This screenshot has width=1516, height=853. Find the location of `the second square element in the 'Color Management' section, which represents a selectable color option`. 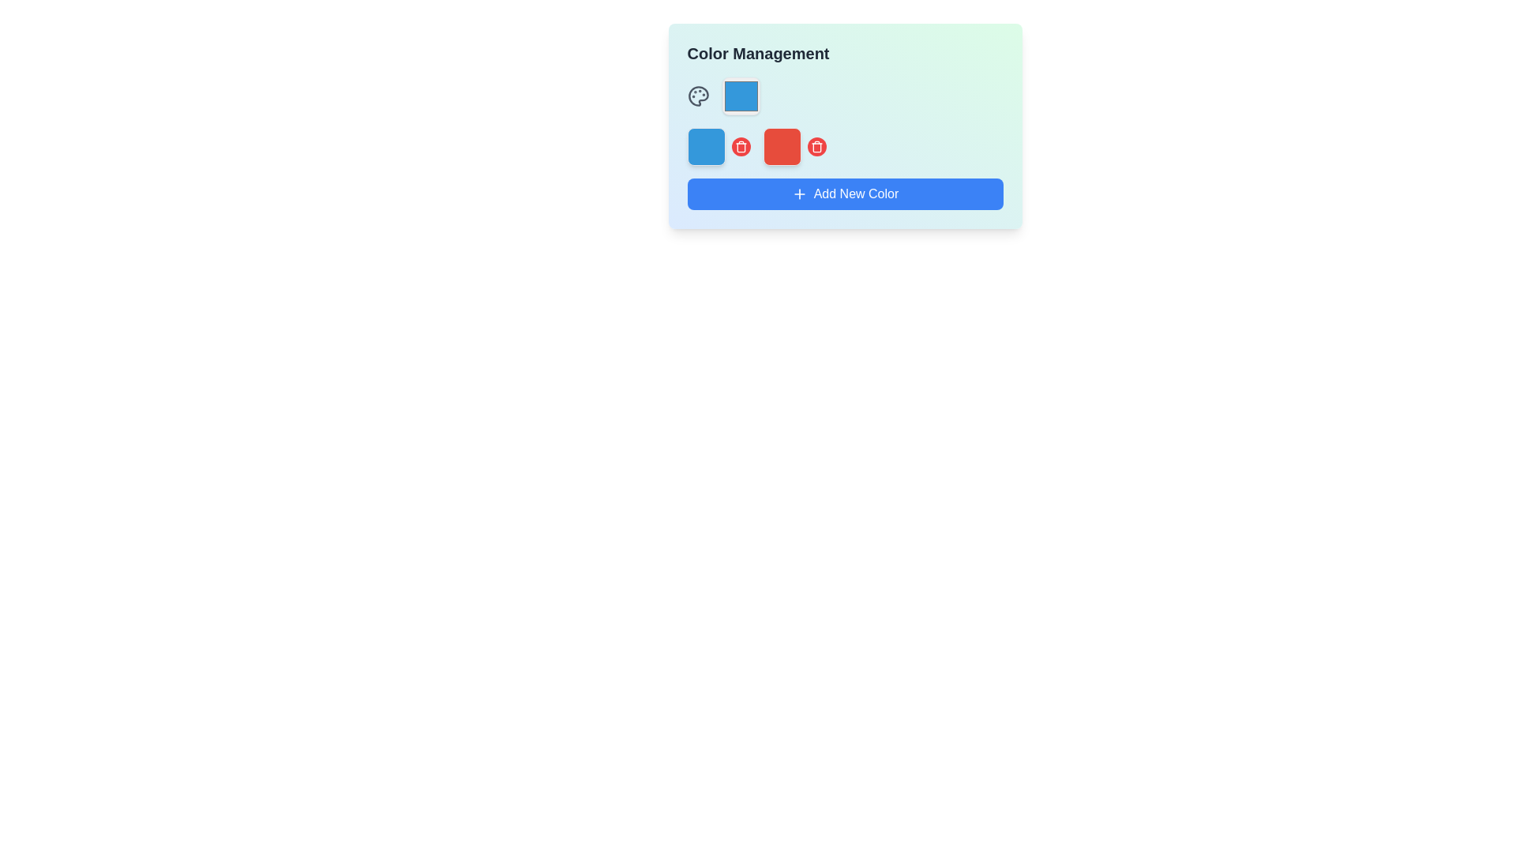

the second square element in the 'Color Management' section, which represents a selectable color option is located at coordinates (794, 146).